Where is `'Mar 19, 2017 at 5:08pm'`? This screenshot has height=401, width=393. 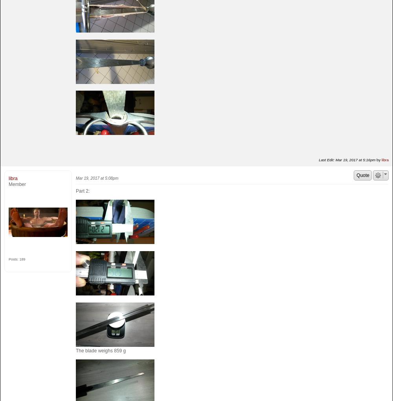 'Mar 19, 2017 at 5:08pm' is located at coordinates (97, 178).